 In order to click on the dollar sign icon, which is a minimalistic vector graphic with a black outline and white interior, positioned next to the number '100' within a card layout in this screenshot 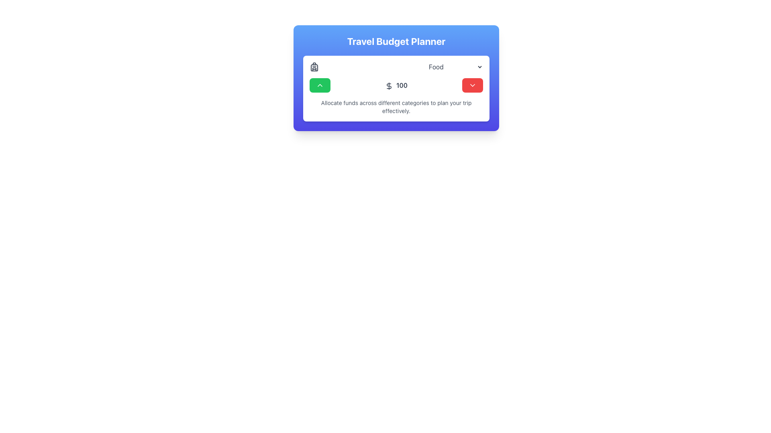, I will do `click(389, 86)`.